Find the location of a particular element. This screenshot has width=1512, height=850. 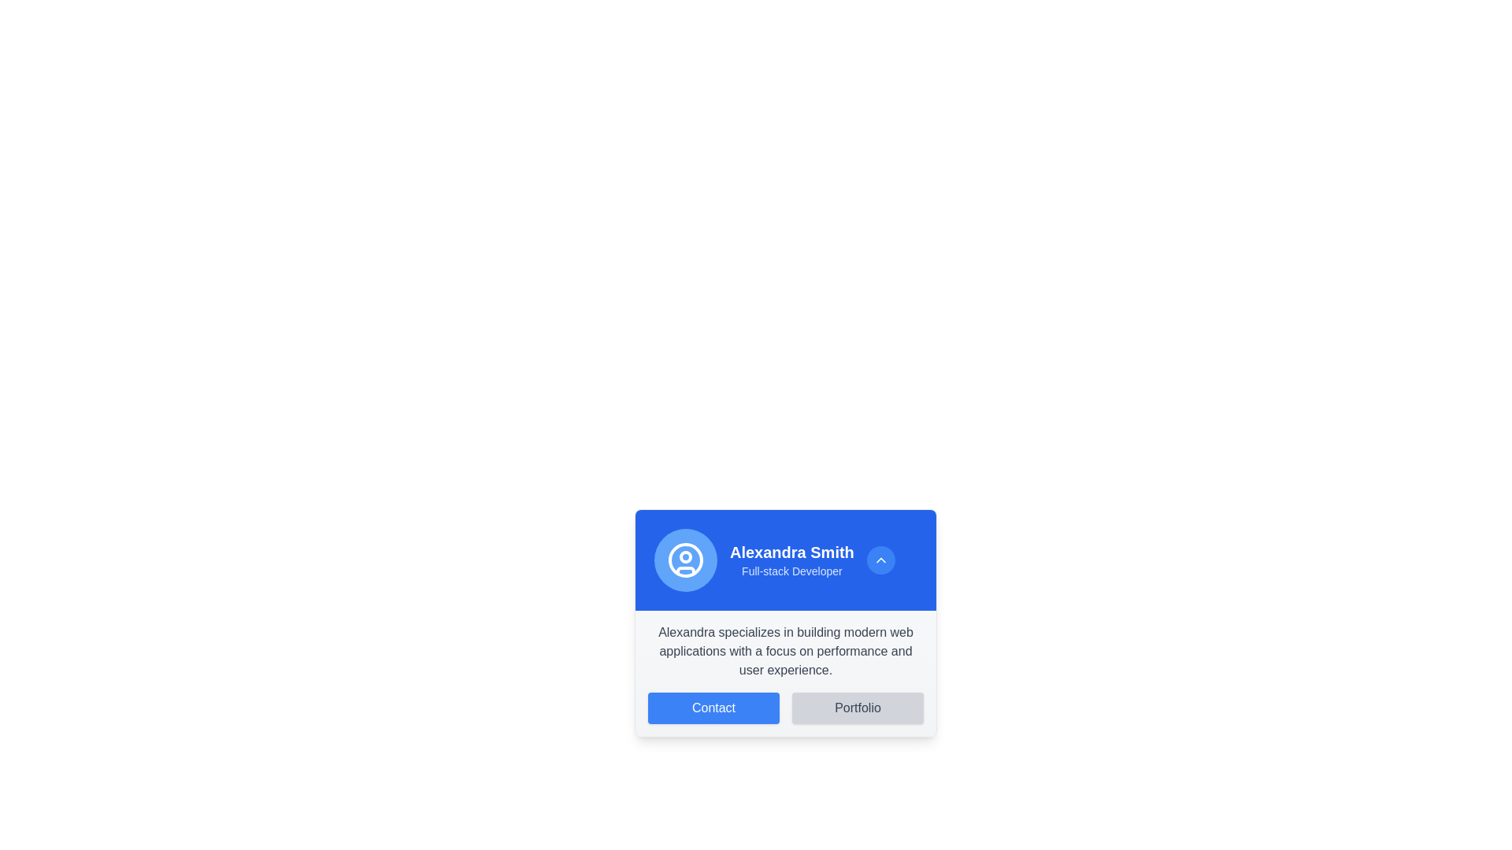

the upward-pointing chevron icon on the blue circular background located in the top-right corner of the blue header section within the profile details card is located at coordinates (880, 560).